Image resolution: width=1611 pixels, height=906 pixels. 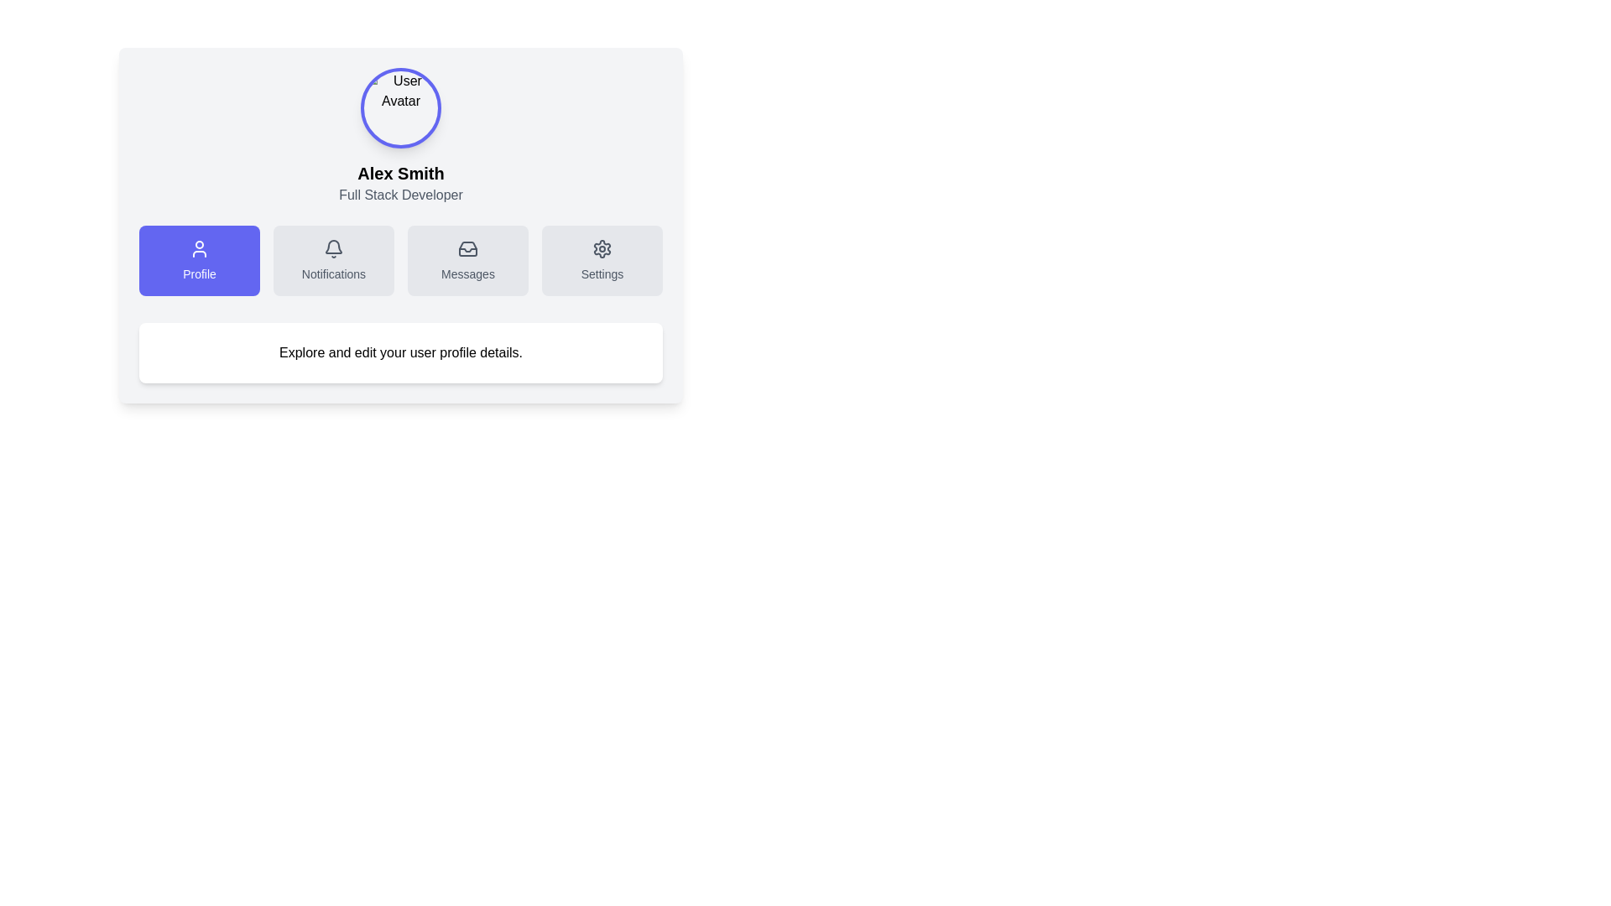 What do you see at coordinates (400, 351) in the screenshot?
I see `the informational text label located in the lower section of a white, rounded, shadowed card, which provides guidance about the user profile section` at bounding box center [400, 351].